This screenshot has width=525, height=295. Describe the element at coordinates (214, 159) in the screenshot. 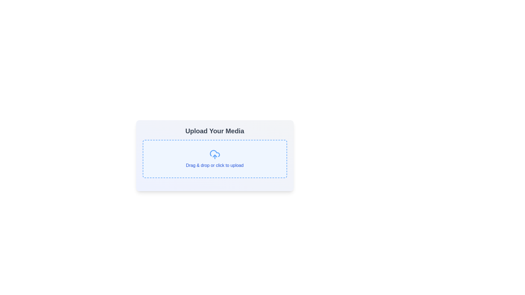

I see `and drop files into the file upload area located centrally within the 'Upload Your Media' box with a gradient background and rounded corners` at that location.